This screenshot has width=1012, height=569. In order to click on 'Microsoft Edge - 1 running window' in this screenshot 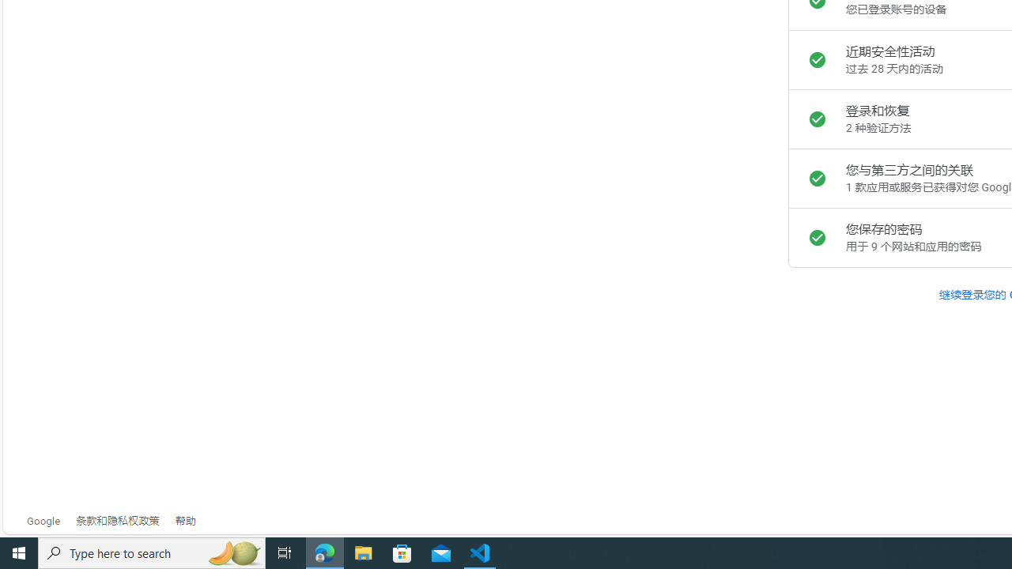, I will do `click(324, 552)`.